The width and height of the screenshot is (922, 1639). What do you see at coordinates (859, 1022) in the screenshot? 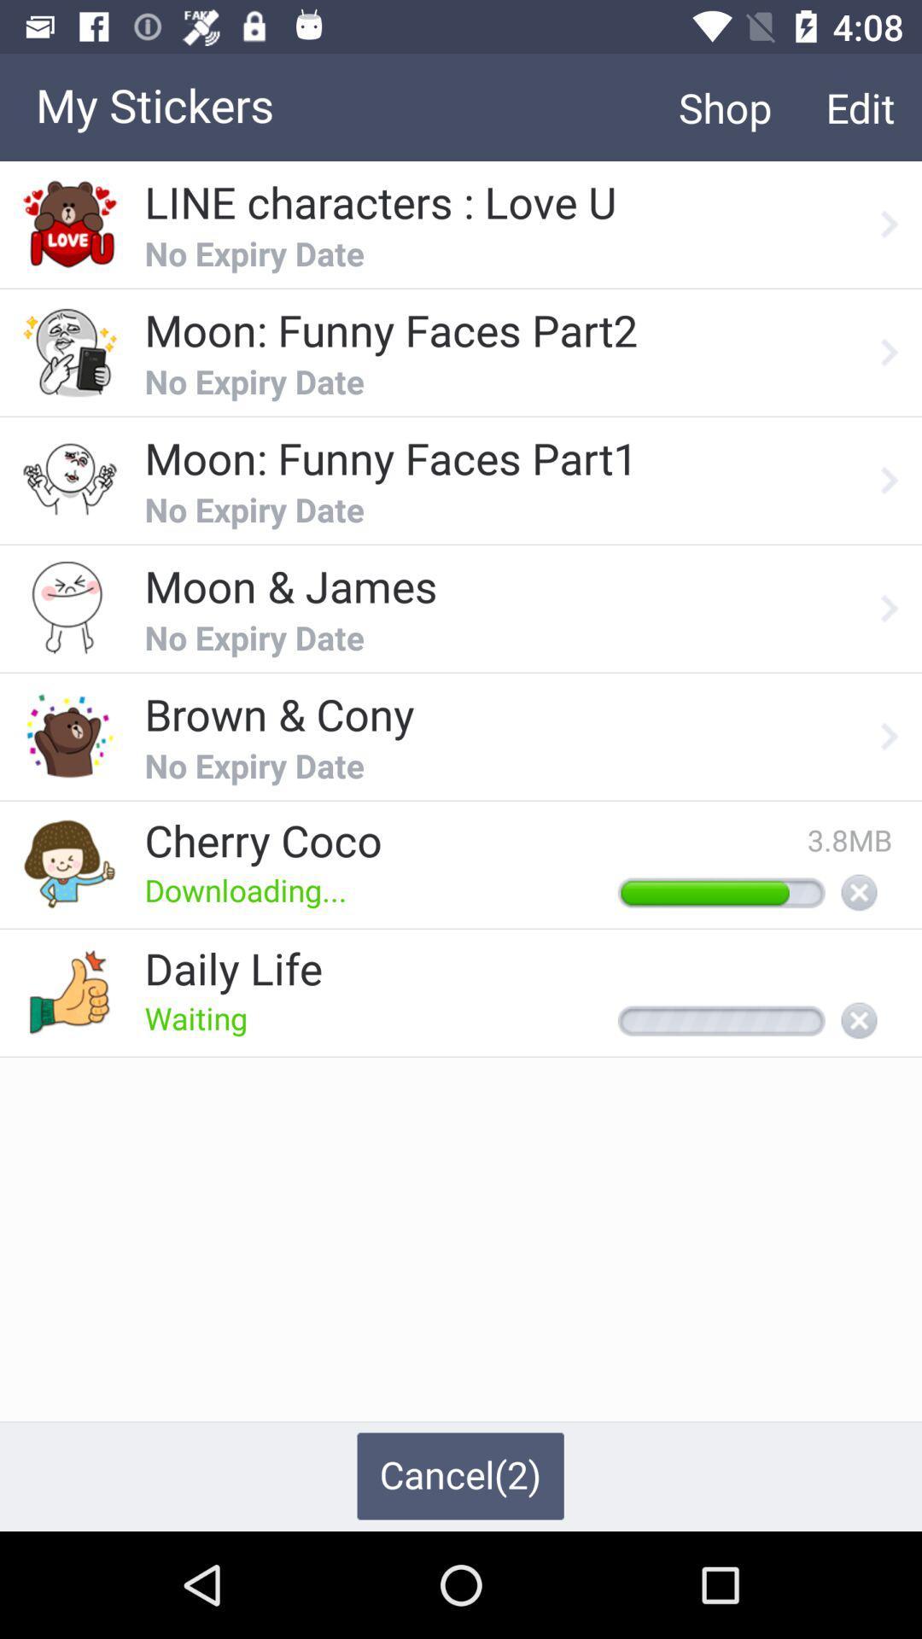
I see `the close icon` at bounding box center [859, 1022].